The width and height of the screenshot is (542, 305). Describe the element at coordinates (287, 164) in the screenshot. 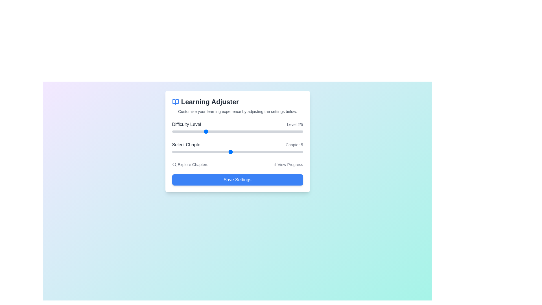

I see `the non-interactive label 'View Progress' with a small graph icon, located in the bottom-right corner of the 'Learning Adjuster' panel` at that location.